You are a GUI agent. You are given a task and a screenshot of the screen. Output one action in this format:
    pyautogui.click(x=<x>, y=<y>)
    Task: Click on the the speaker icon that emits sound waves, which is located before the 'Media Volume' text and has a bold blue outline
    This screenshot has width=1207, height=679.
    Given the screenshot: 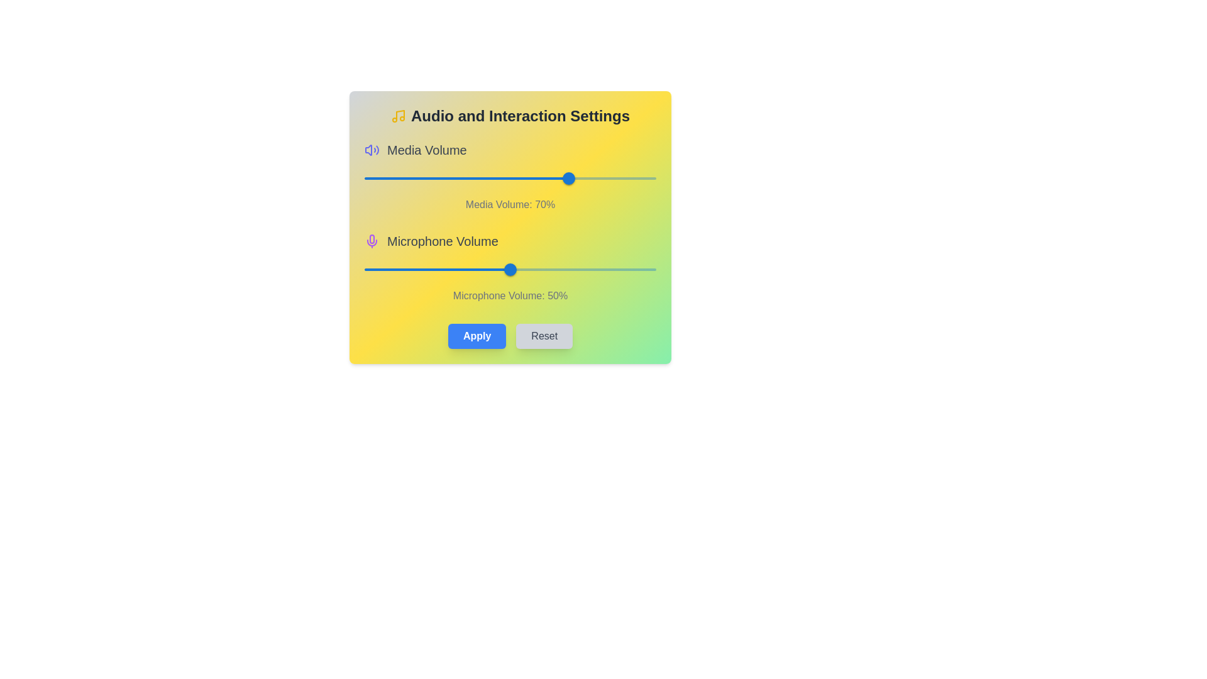 What is the action you would take?
    pyautogui.click(x=371, y=150)
    